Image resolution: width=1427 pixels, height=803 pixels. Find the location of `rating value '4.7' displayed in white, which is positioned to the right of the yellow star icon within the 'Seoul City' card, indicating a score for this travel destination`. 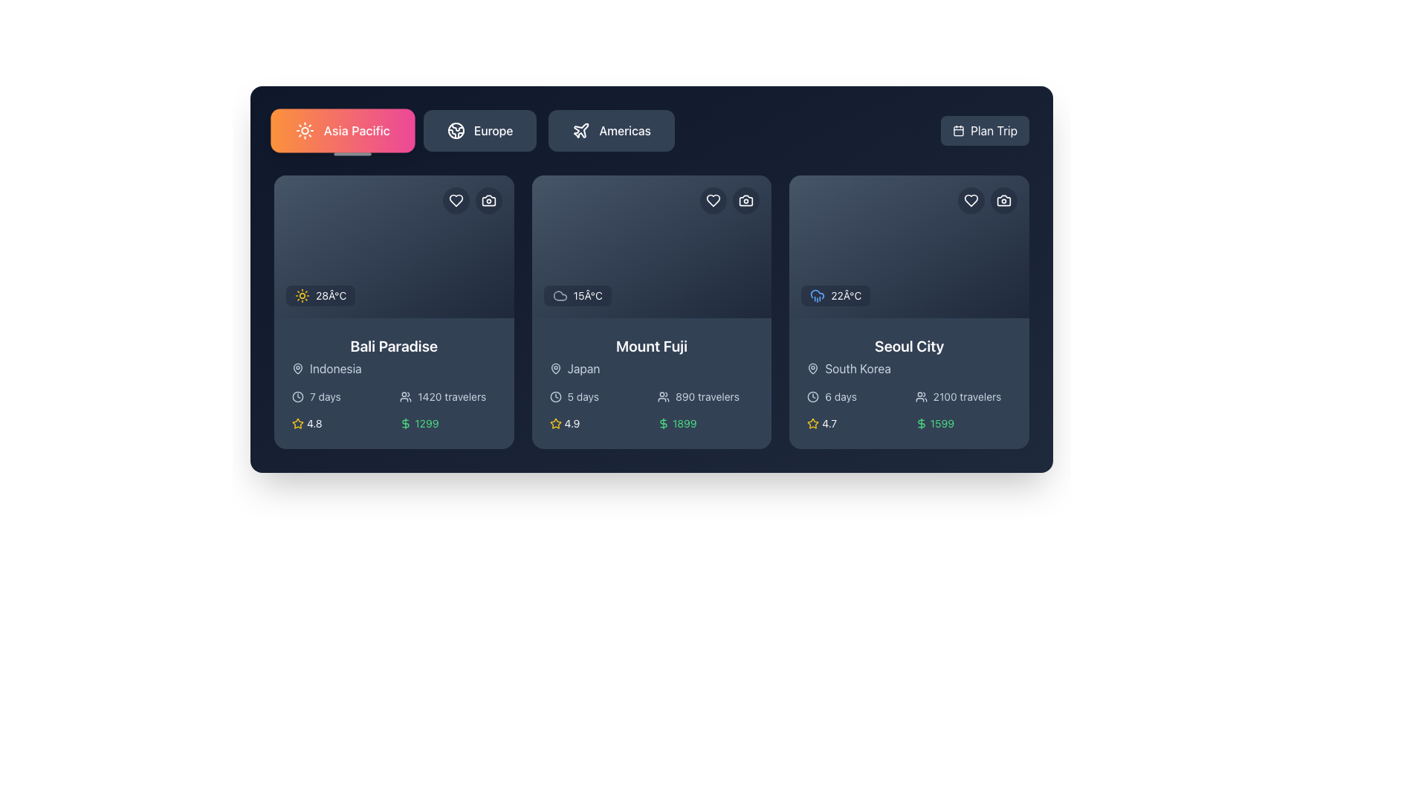

rating value '4.7' displayed in white, which is positioned to the right of the yellow star icon within the 'Seoul City' card, indicating a score for this travel destination is located at coordinates (829, 424).